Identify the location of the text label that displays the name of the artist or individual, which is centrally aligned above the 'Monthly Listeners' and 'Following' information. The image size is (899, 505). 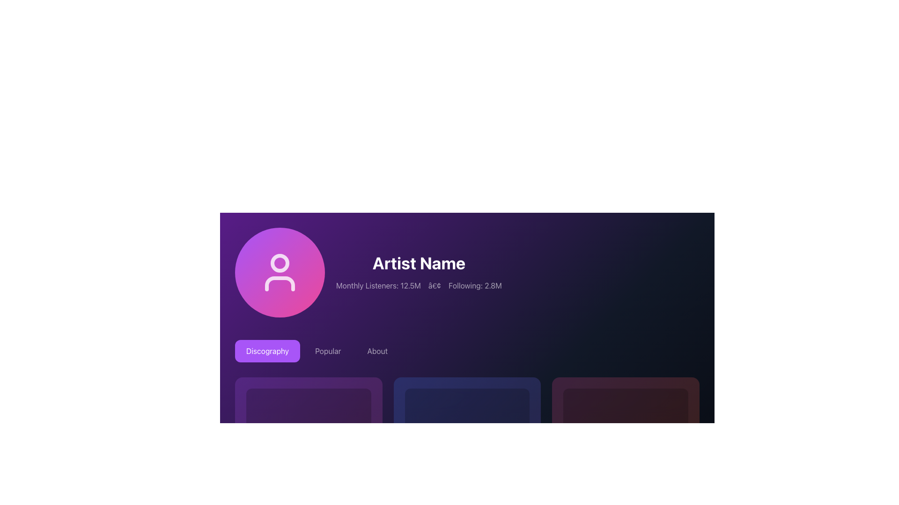
(418, 263).